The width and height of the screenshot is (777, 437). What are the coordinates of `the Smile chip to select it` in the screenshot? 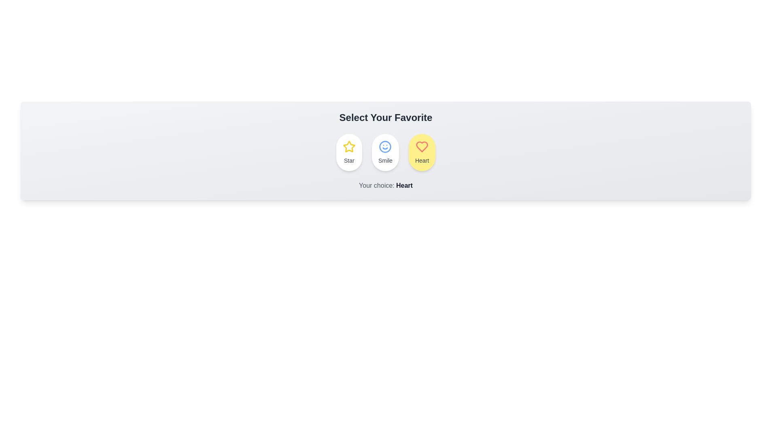 It's located at (385, 153).